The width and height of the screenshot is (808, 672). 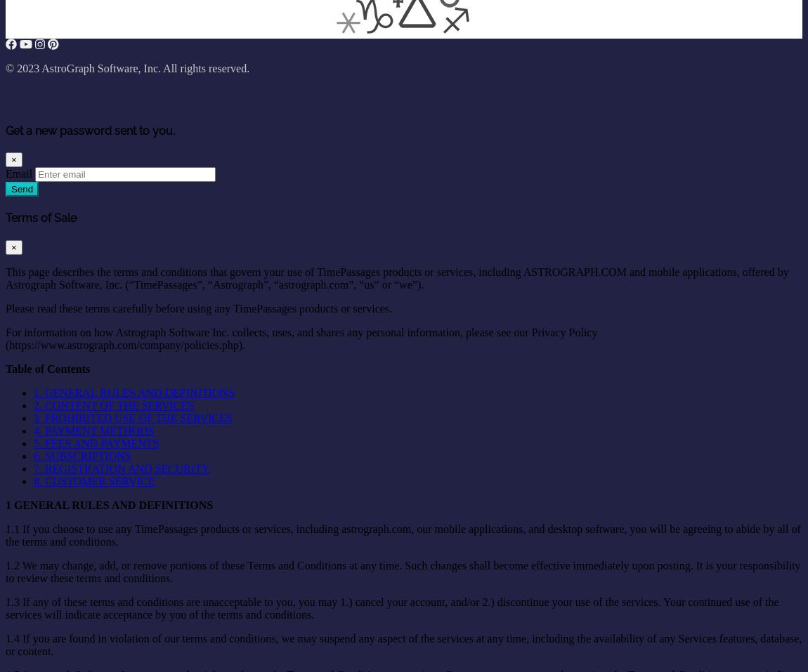 What do you see at coordinates (403, 644) in the screenshot?
I see `'1.4  If you are found in violation of our terms and conditions, we may suspend any aspect of the services at any time, including the availability of any Services features, database, or content.'` at bounding box center [403, 644].